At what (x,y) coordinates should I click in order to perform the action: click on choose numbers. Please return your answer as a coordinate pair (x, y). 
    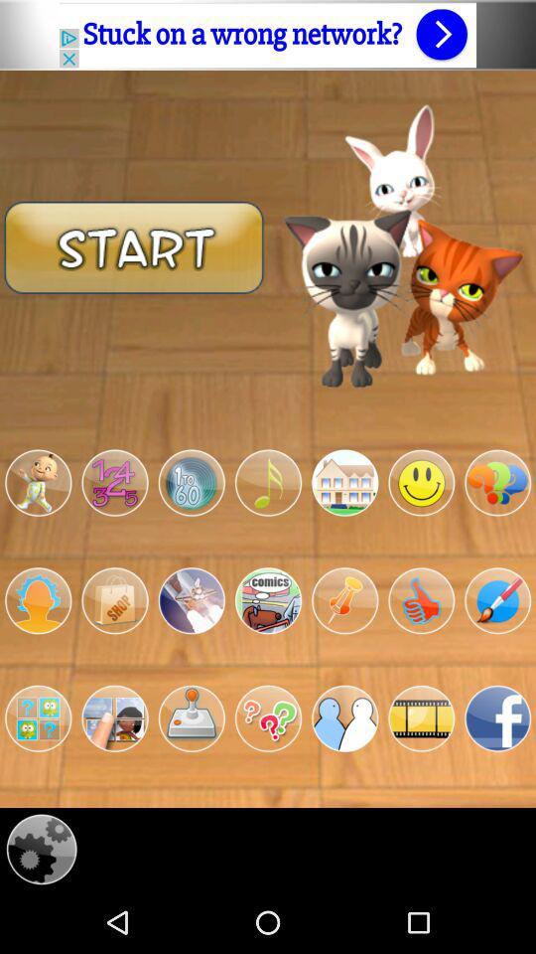
    Looking at the image, I should click on (114, 482).